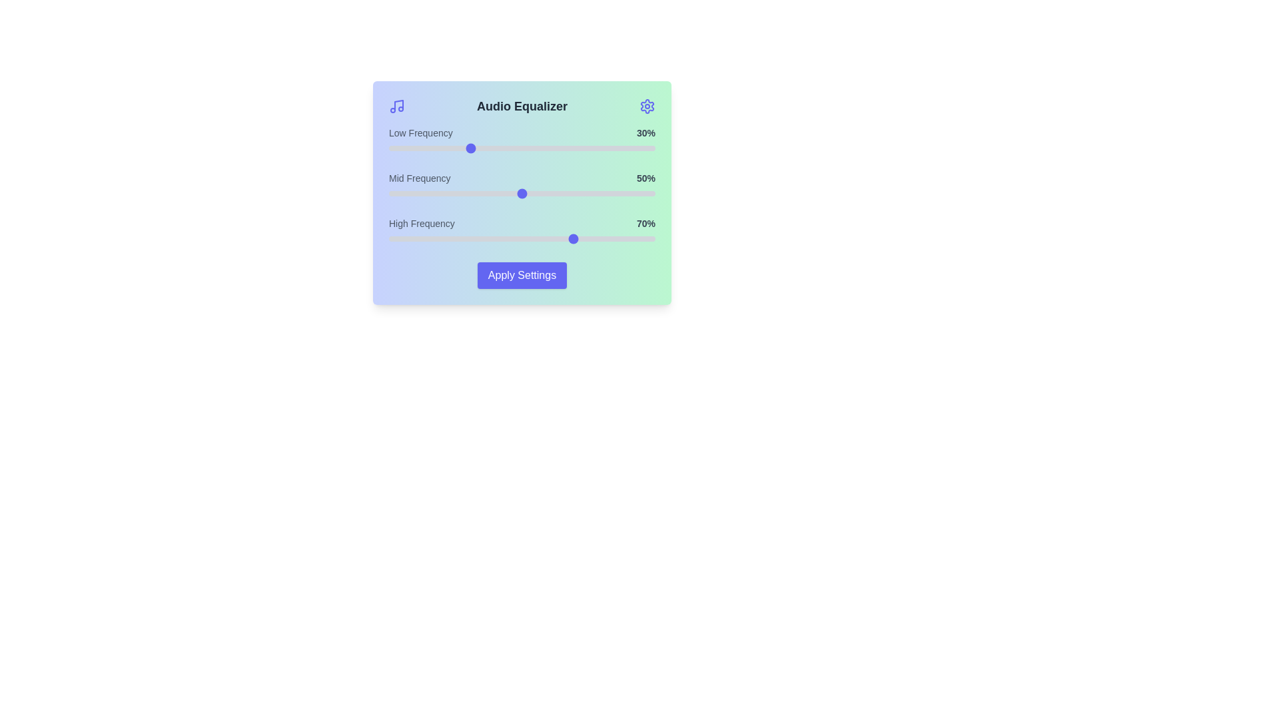 Image resolution: width=1279 pixels, height=719 pixels. Describe the element at coordinates (521, 274) in the screenshot. I see `the 'Apply Settings' button to apply the current audio equalizer settings` at that location.